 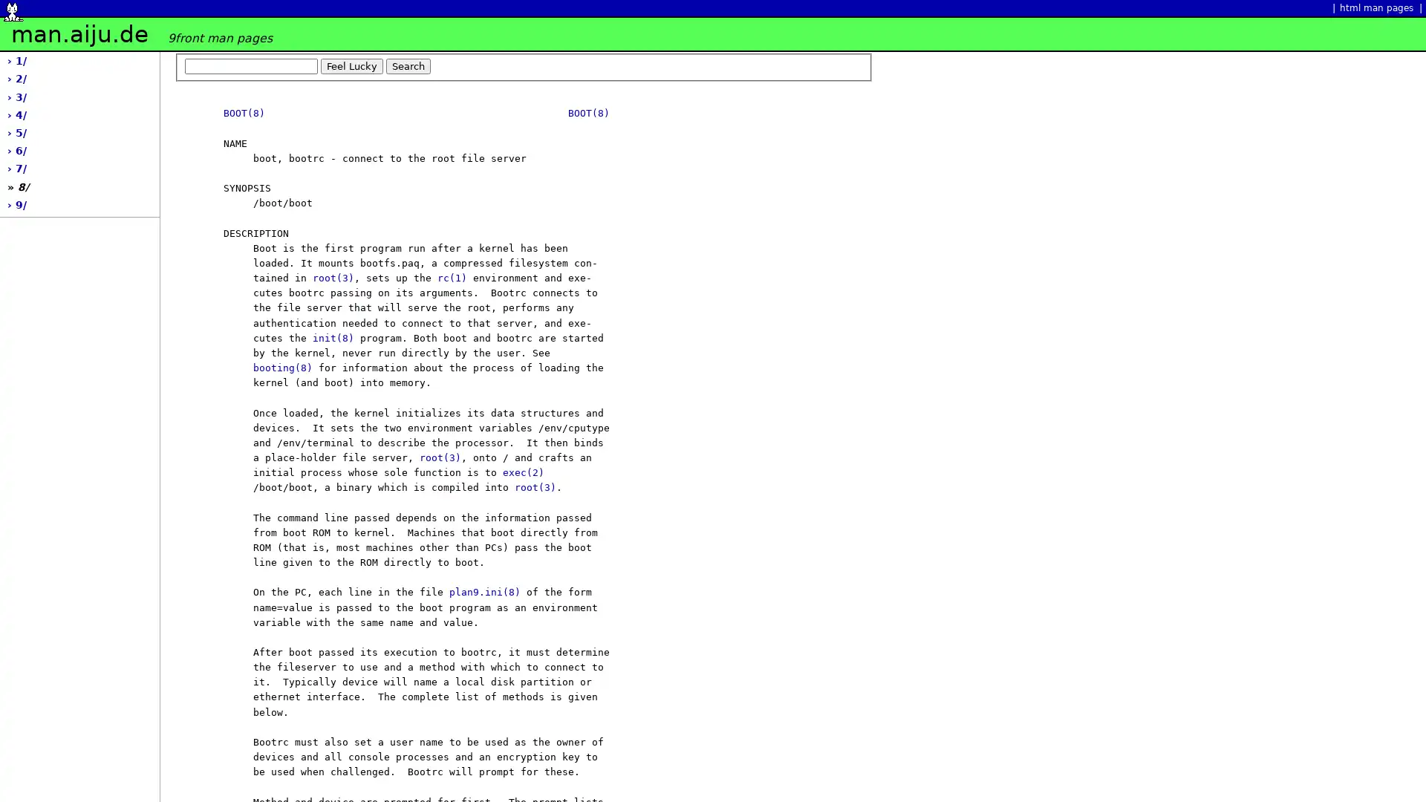 I want to click on Search, so click(x=408, y=65).